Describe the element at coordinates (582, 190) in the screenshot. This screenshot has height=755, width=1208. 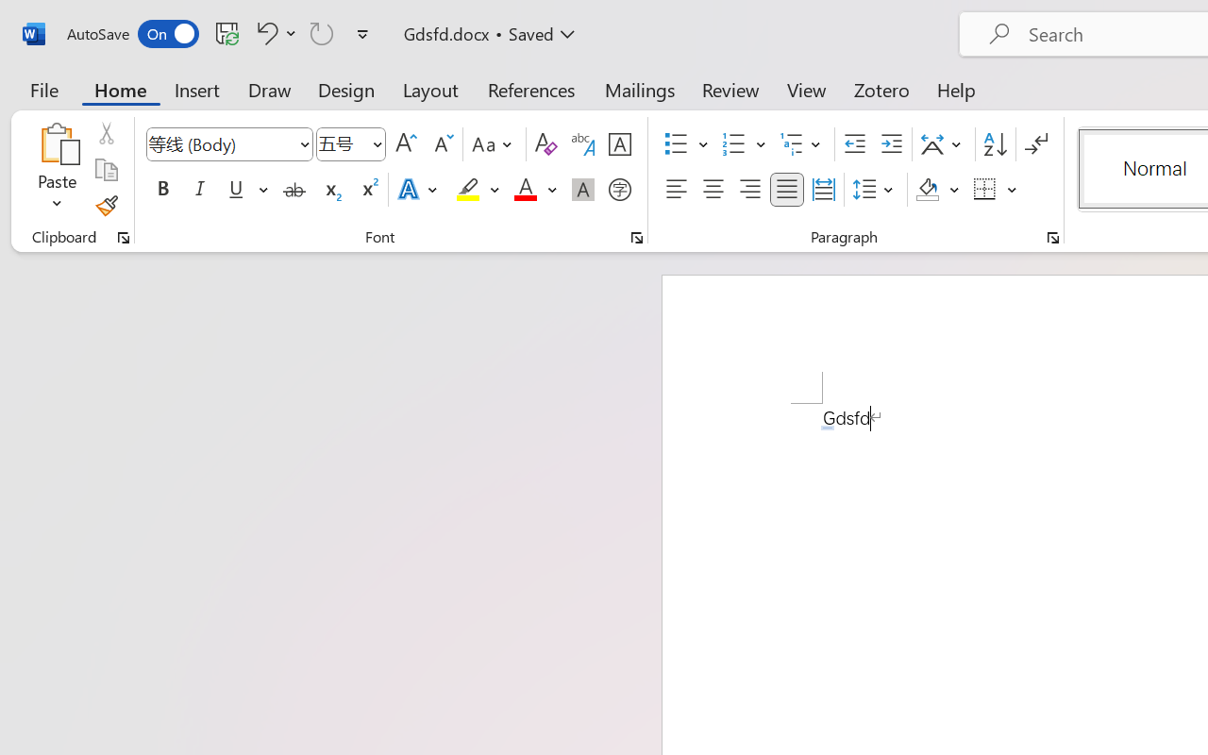
I see `'Character Shading'` at that location.